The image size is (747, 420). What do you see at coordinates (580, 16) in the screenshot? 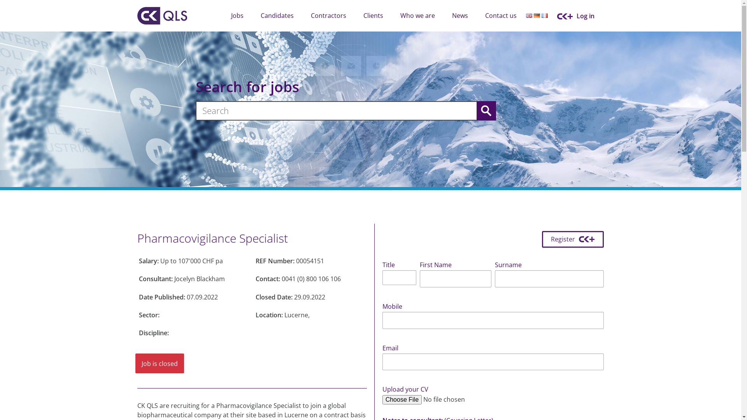
I see `'Log in'` at bounding box center [580, 16].